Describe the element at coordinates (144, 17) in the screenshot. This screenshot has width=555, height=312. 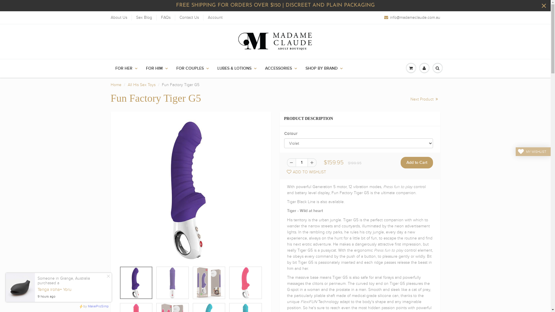
I see `'Sex Blog'` at that location.